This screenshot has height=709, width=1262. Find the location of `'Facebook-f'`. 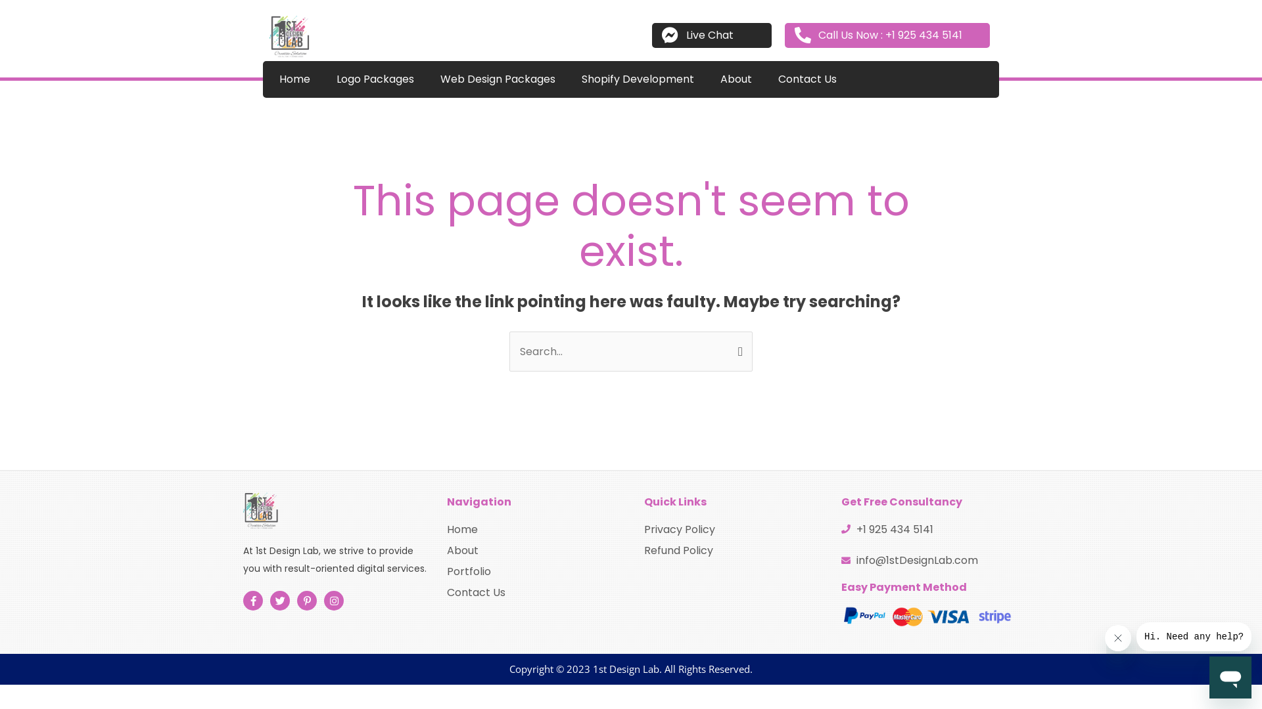

'Facebook-f' is located at coordinates (252, 600).